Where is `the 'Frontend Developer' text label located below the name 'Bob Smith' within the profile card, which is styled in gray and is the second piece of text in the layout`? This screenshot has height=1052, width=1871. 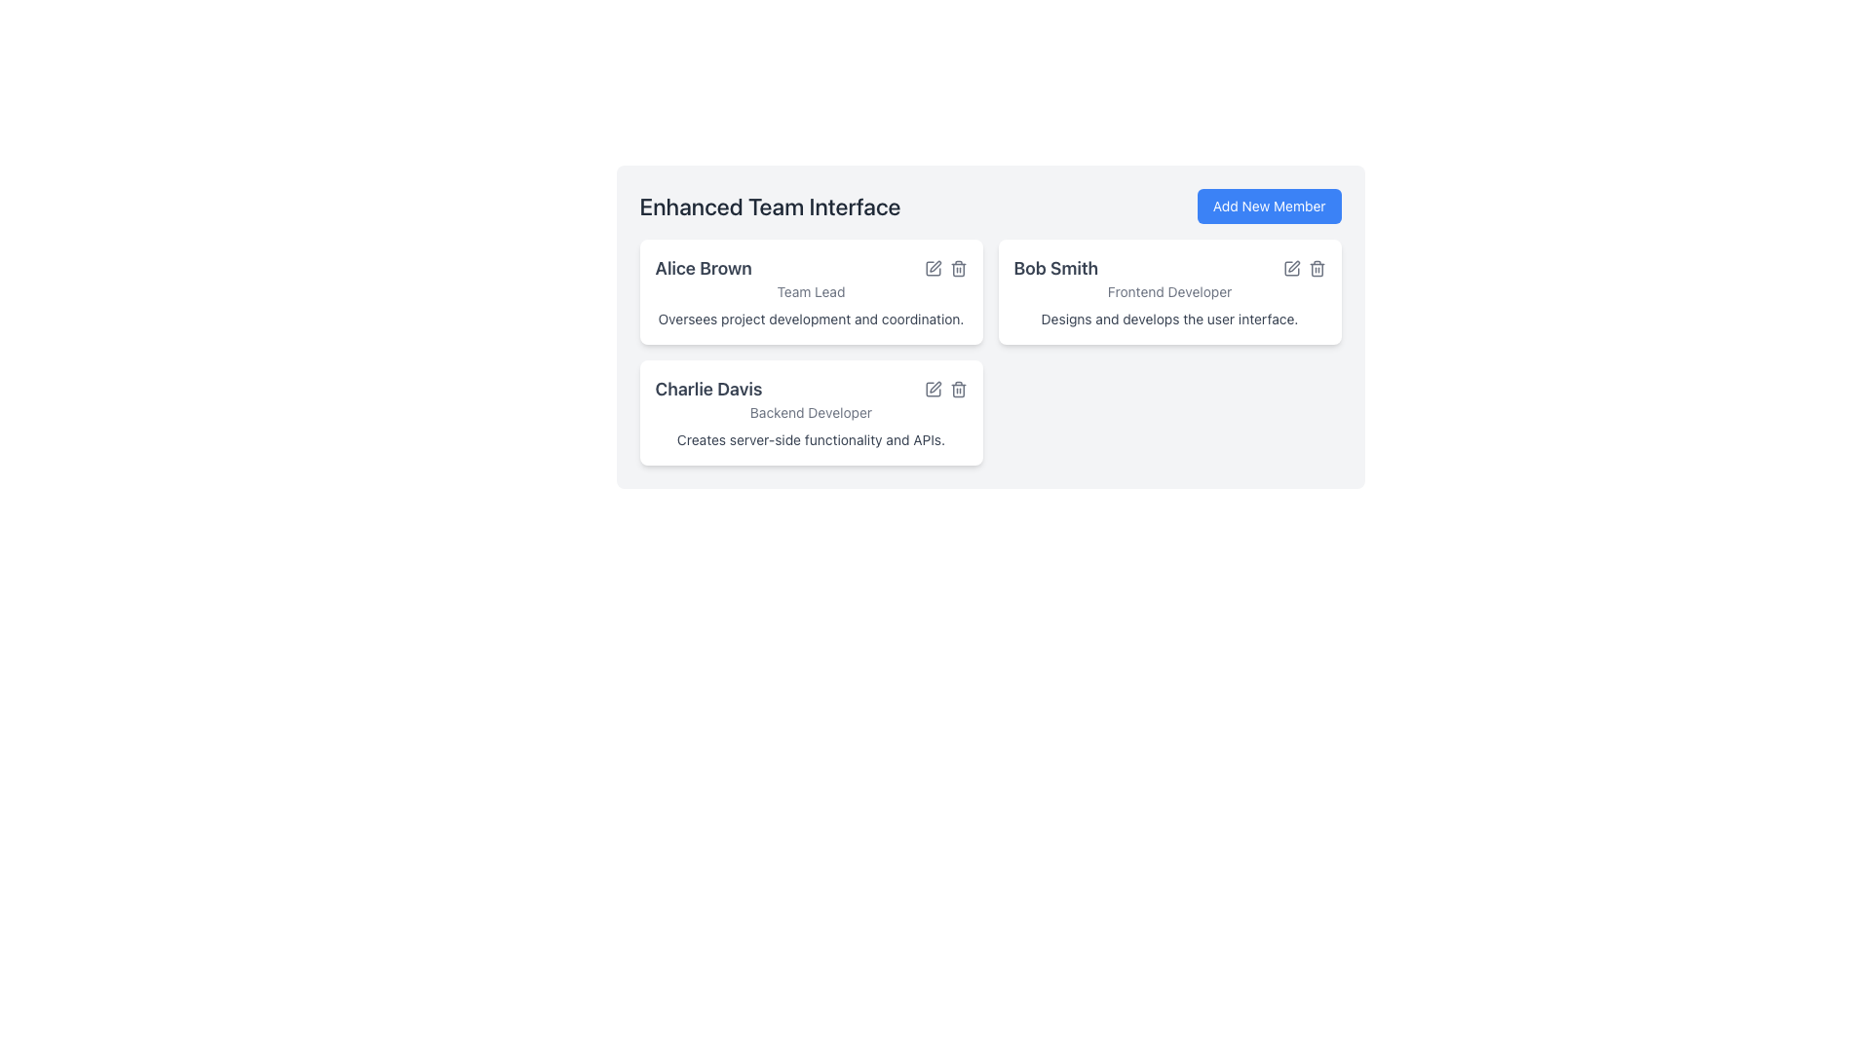
the 'Frontend Developer' text label located below the name 'Bob Smith' within the profile card, which is styled in gray and is the second piece of text in the layout is located at coordinates (1169, 292).